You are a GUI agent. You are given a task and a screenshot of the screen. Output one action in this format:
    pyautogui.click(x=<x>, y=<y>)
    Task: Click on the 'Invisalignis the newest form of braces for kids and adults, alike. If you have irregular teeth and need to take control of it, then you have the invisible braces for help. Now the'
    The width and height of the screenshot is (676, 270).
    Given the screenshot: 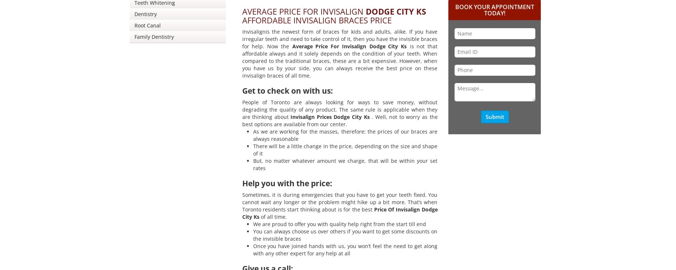 What is the action you would take?
    pyautogui.click(x=339, y=38)
    